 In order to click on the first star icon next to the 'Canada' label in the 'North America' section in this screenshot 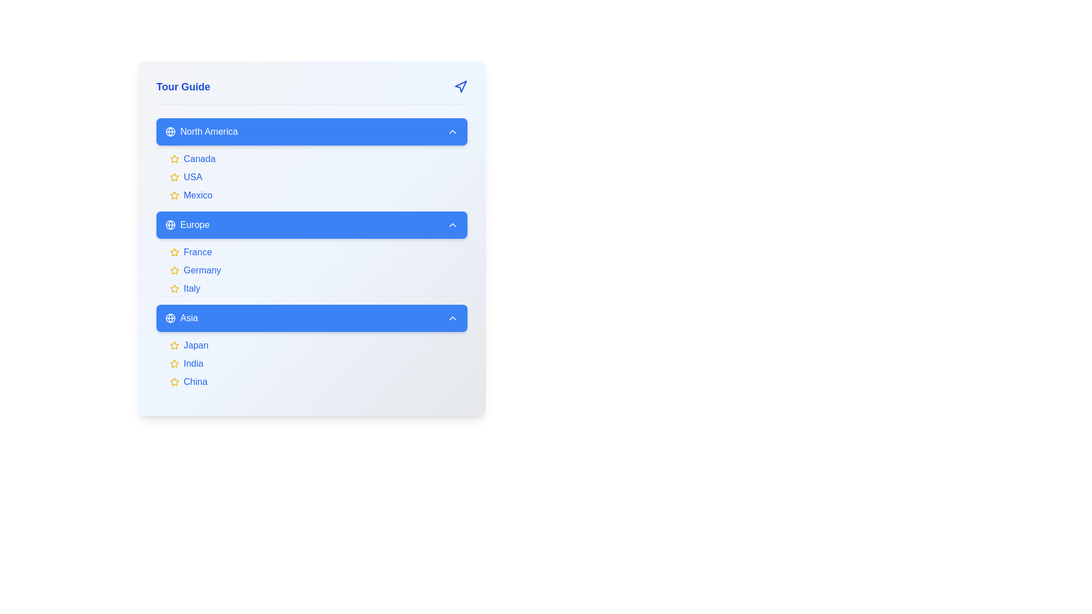, I will do `click(174, 159)`.